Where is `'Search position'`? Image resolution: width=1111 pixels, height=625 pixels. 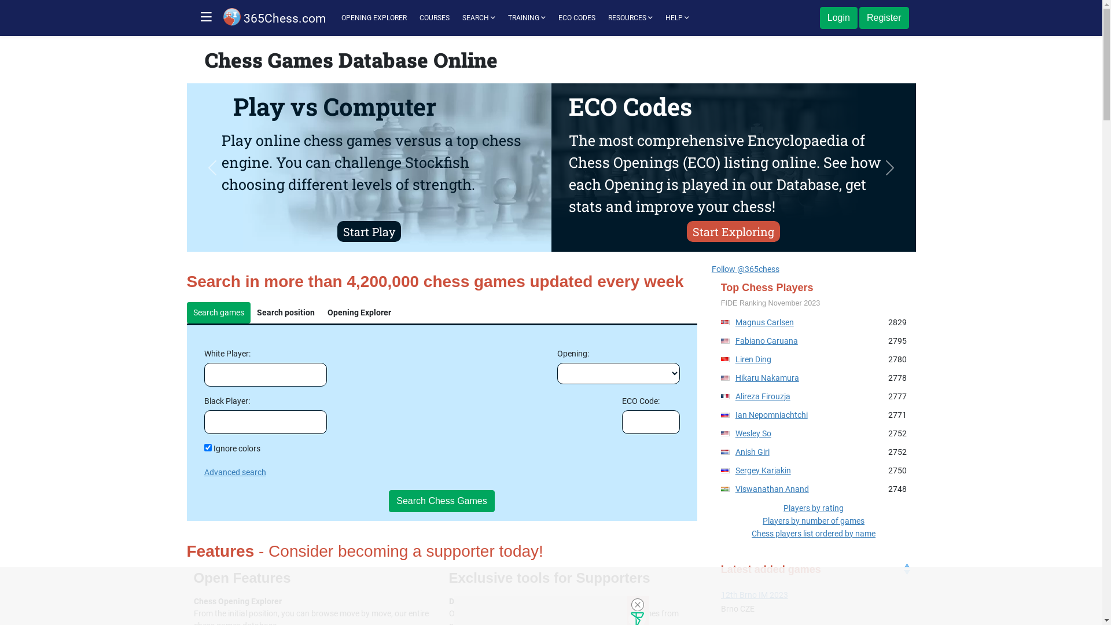
'Search position' is located at coordinates (286, 312).